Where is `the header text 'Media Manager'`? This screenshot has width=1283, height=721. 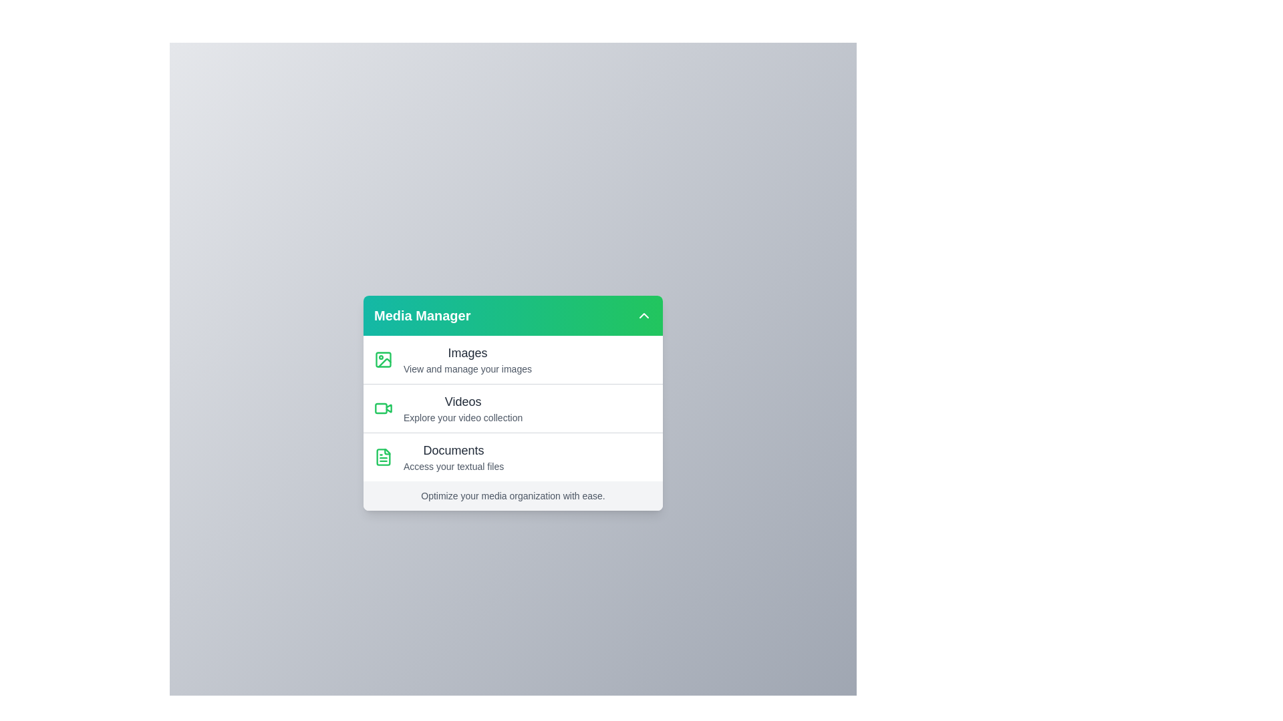
the header text 'Media Manager' is located at coordinates (422, 316).